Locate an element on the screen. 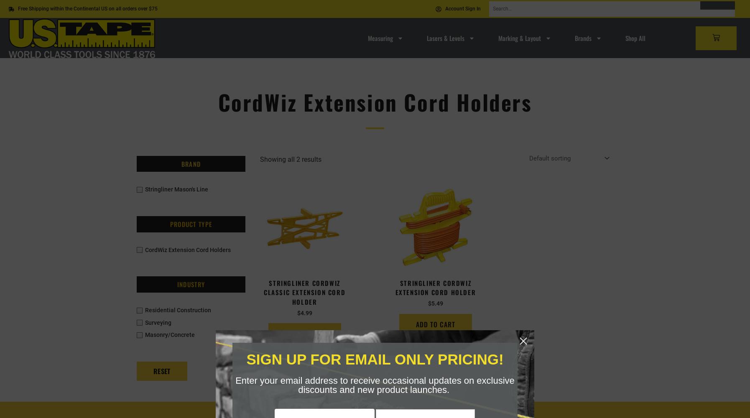 The width and height of the screenshot is (750, 418). 'Brand' is located at coordinates (191, 163).